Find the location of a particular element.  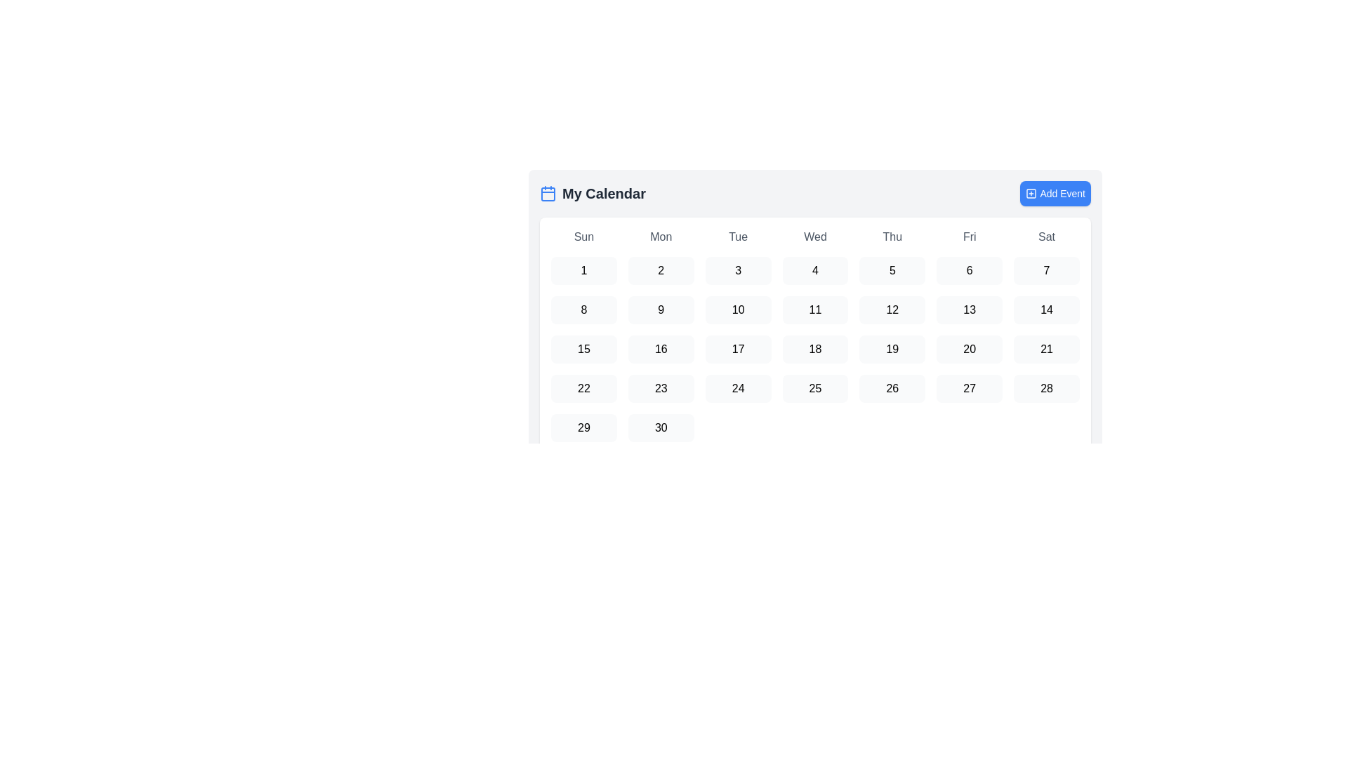

the numeric day '9' button in the calendar grid is located at coordinates (660, 310).